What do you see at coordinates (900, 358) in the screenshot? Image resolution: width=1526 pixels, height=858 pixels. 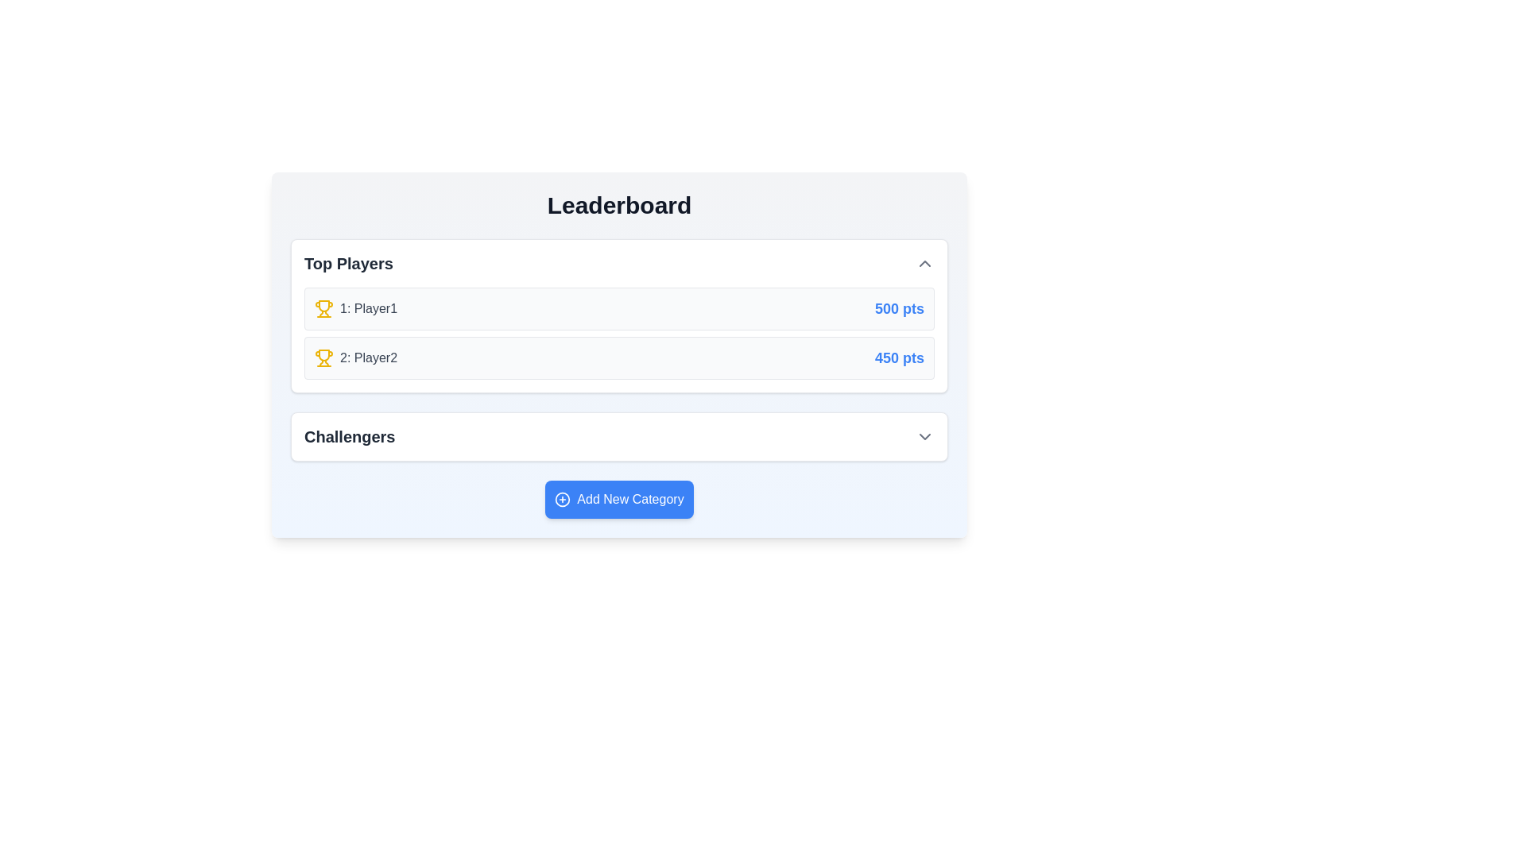 I see `the static text indicating the score of the second player in the leaderboard, which shows 450 points and is aligned to the right edge of the row` at bounding box center [900, 358].